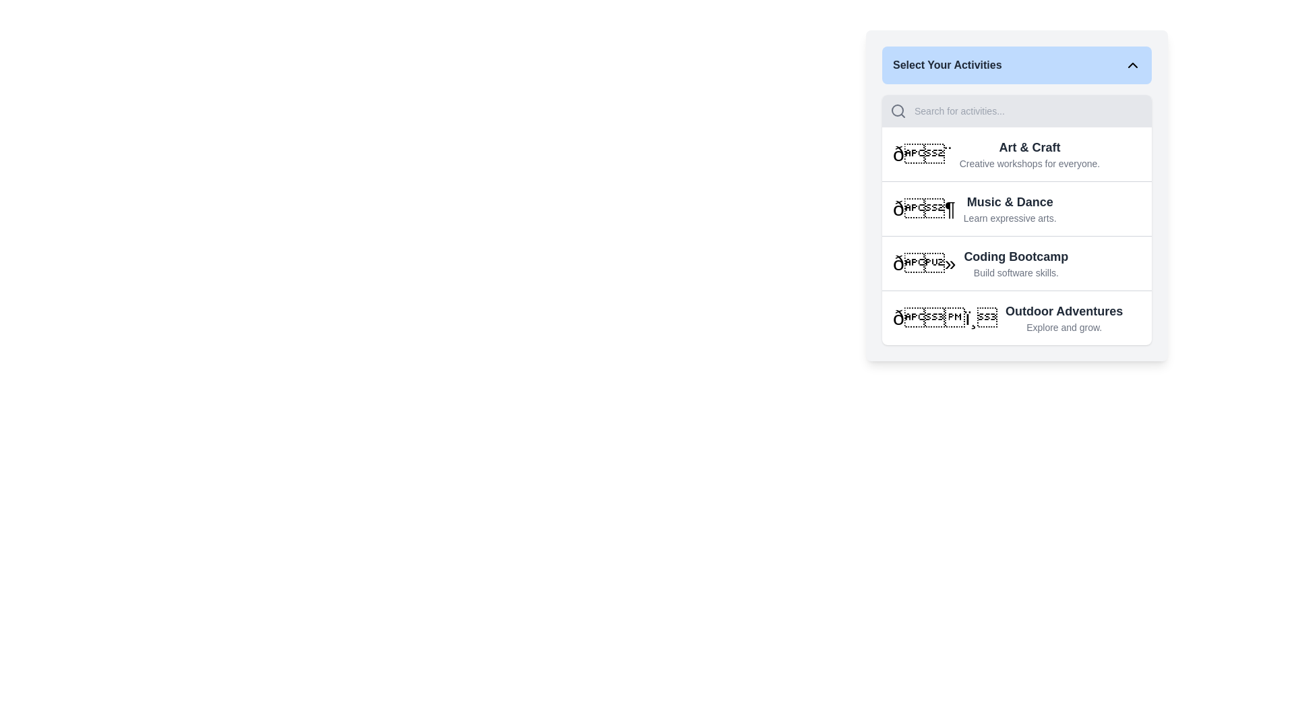 This screenshot has height=728, width=1294. What do you see at coordinates (1009, 208) in the screenshot?
I see `the 'Music & Dance' text block, which is the second item in a vertically aligned list of options` at bounding box center [1009, 208].